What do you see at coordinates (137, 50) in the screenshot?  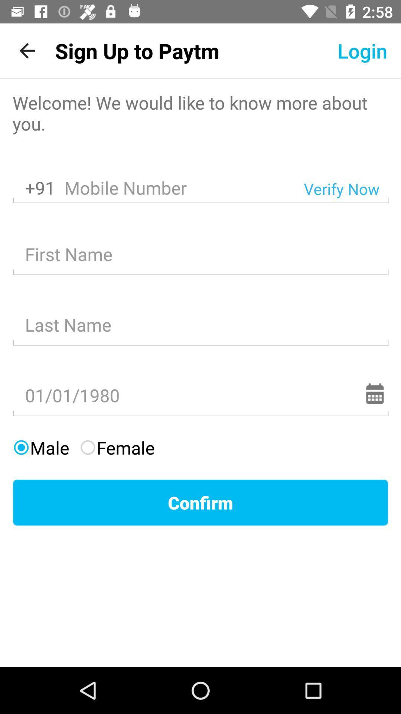 I see `the icon to the left of login icon` at bounding box center [137, 50].